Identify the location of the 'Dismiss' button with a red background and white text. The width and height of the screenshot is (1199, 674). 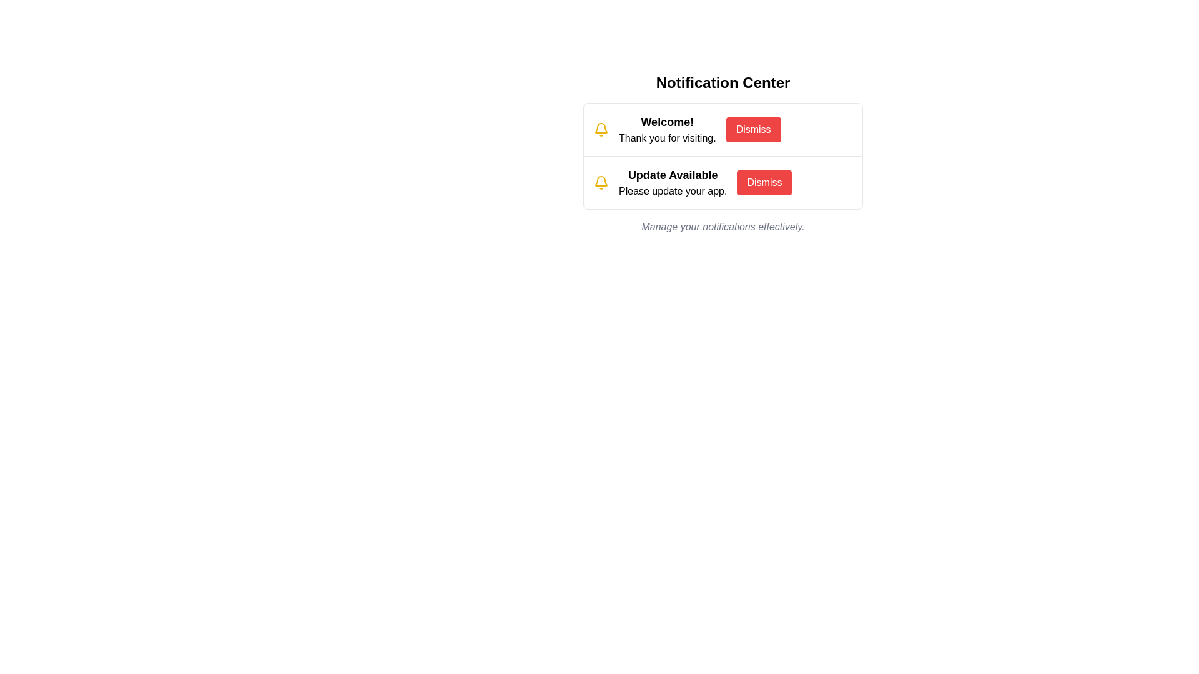
(752, 130).